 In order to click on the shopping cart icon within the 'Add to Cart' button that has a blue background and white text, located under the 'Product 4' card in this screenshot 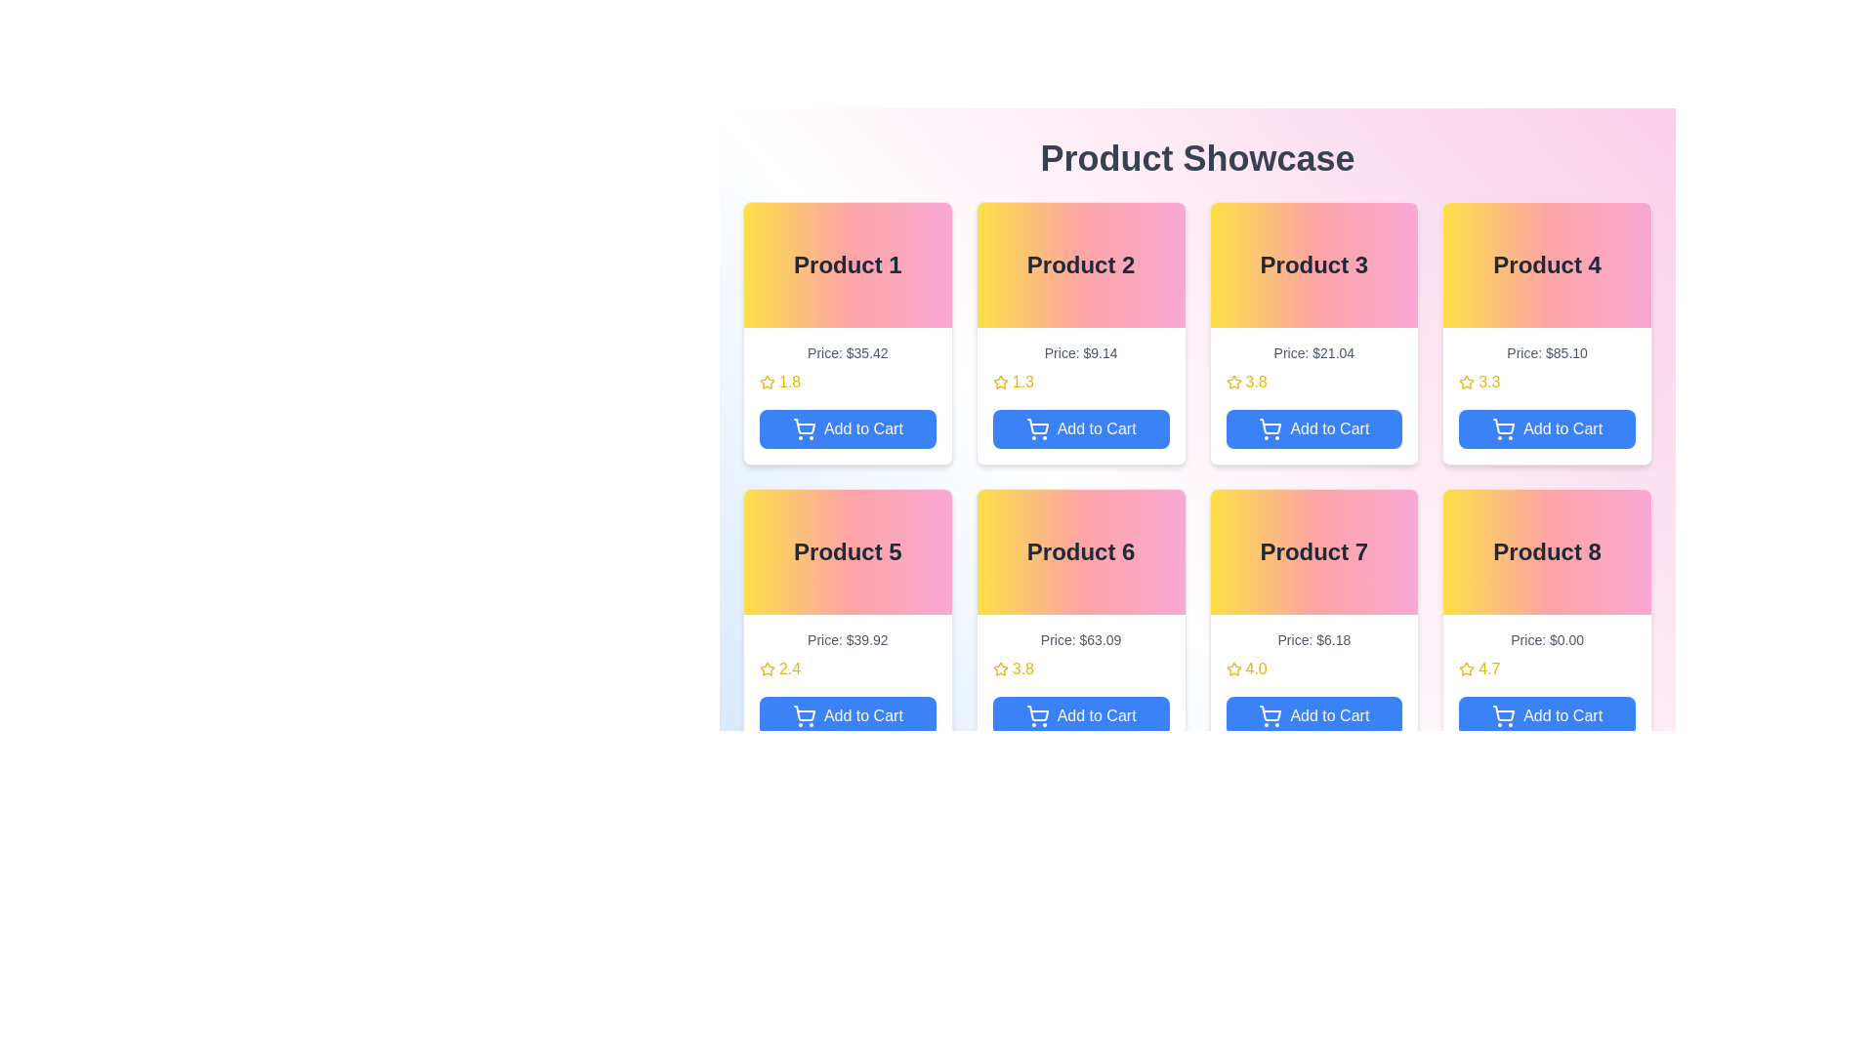, I will do `click(1503, 427)`.